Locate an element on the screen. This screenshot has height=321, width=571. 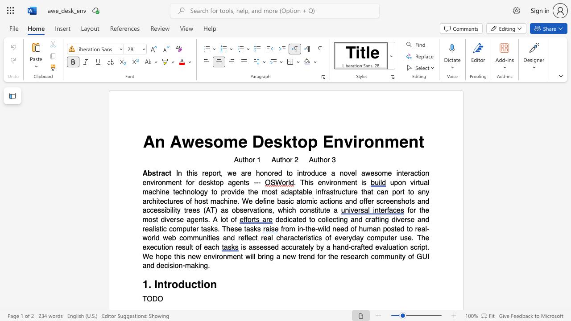
the subset text "ironme" within the text "new environment" is located at coordinates (215, 256).